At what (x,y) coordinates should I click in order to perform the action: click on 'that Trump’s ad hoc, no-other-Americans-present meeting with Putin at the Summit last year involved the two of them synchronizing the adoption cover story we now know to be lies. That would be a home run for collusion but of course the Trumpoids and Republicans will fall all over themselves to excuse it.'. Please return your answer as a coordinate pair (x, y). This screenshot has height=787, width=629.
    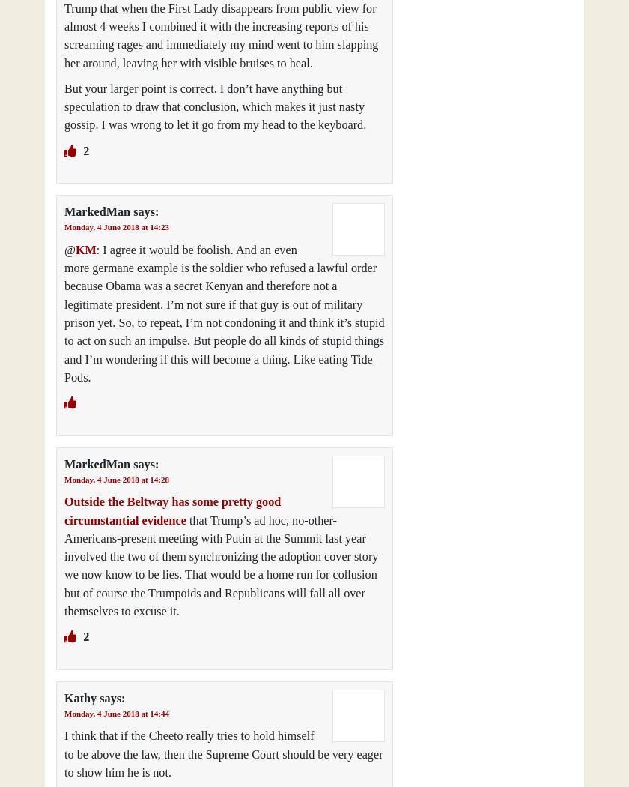
    Looking at the image, I should click on (64, 565).